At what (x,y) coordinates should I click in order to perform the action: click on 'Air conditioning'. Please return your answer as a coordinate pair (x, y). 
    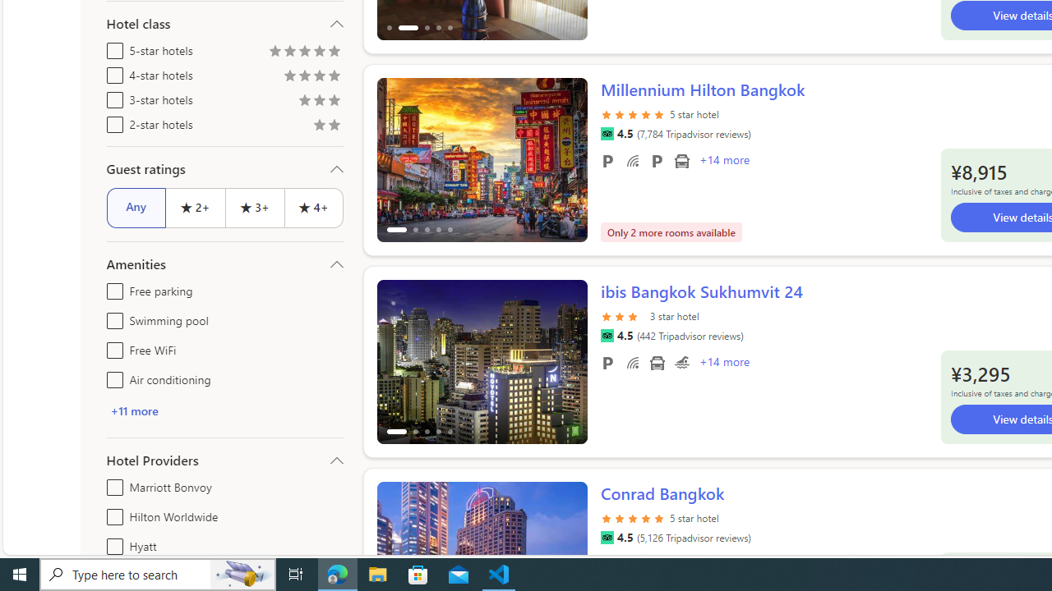
    Looking at the image, I should click on (111, 377).